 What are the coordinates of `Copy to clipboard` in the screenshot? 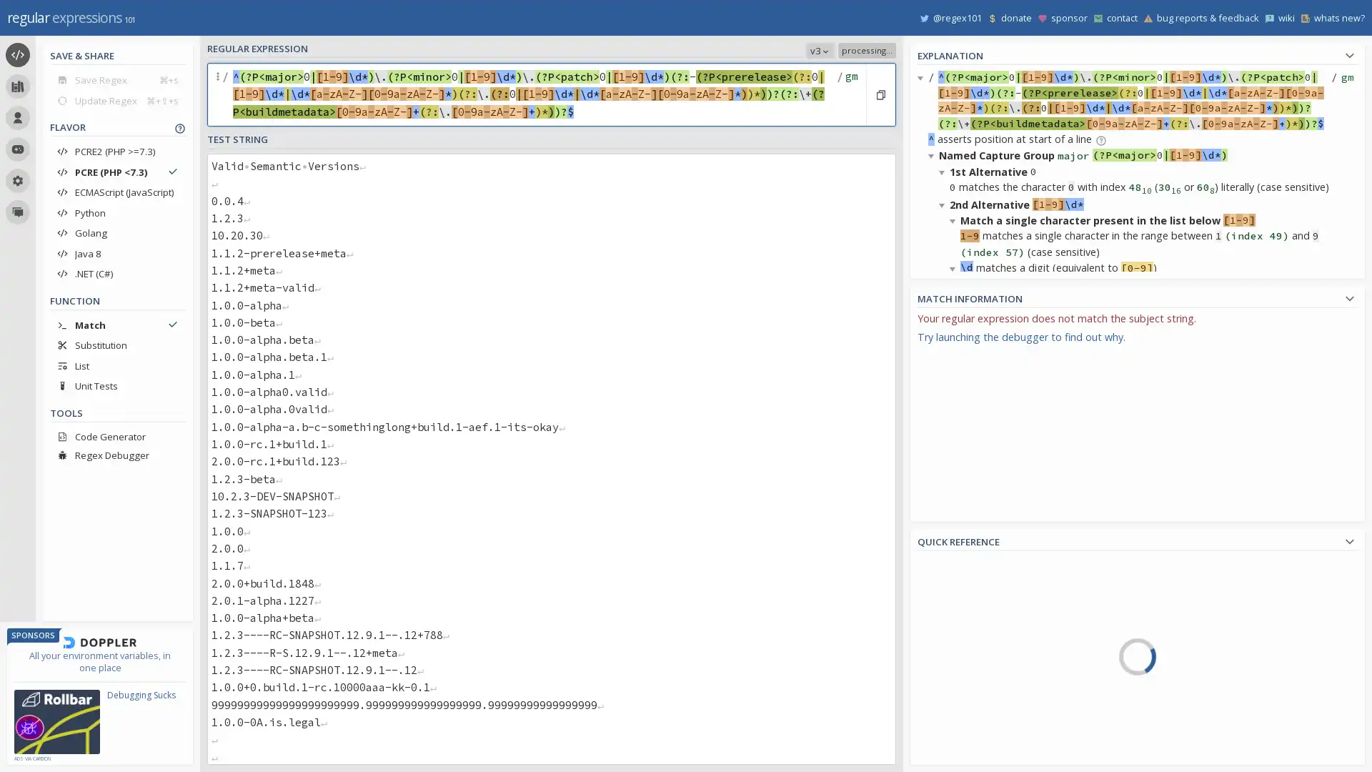 It's located at (880, 94).